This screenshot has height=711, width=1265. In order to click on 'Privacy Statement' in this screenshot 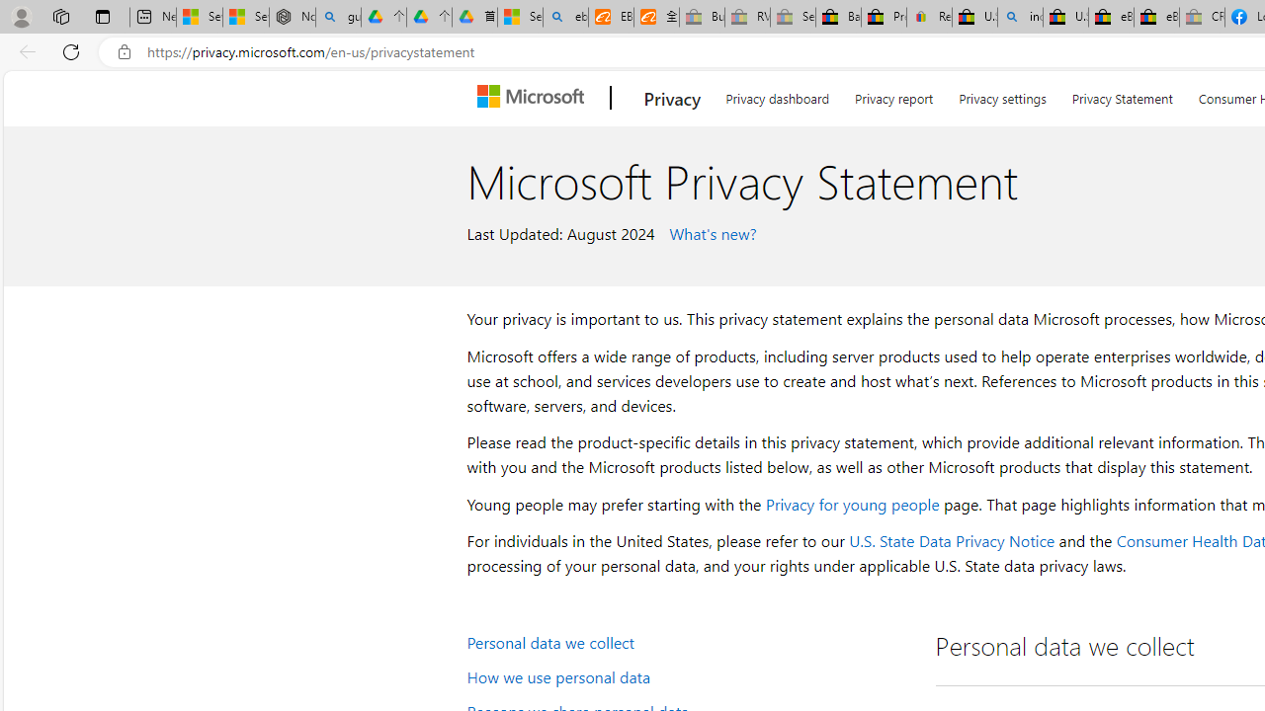, I will do `click(1122, 95)`.